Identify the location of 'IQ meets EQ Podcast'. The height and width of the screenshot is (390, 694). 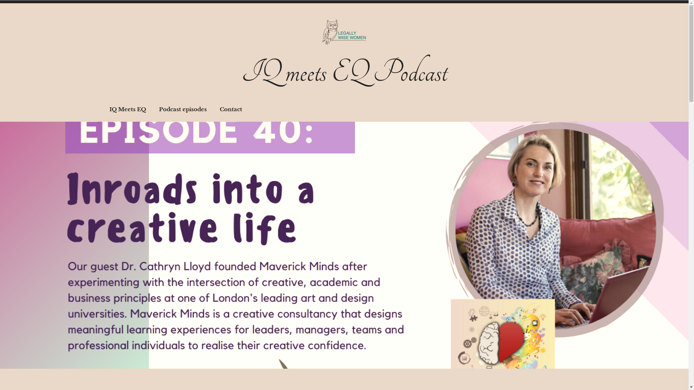
(344, 72).